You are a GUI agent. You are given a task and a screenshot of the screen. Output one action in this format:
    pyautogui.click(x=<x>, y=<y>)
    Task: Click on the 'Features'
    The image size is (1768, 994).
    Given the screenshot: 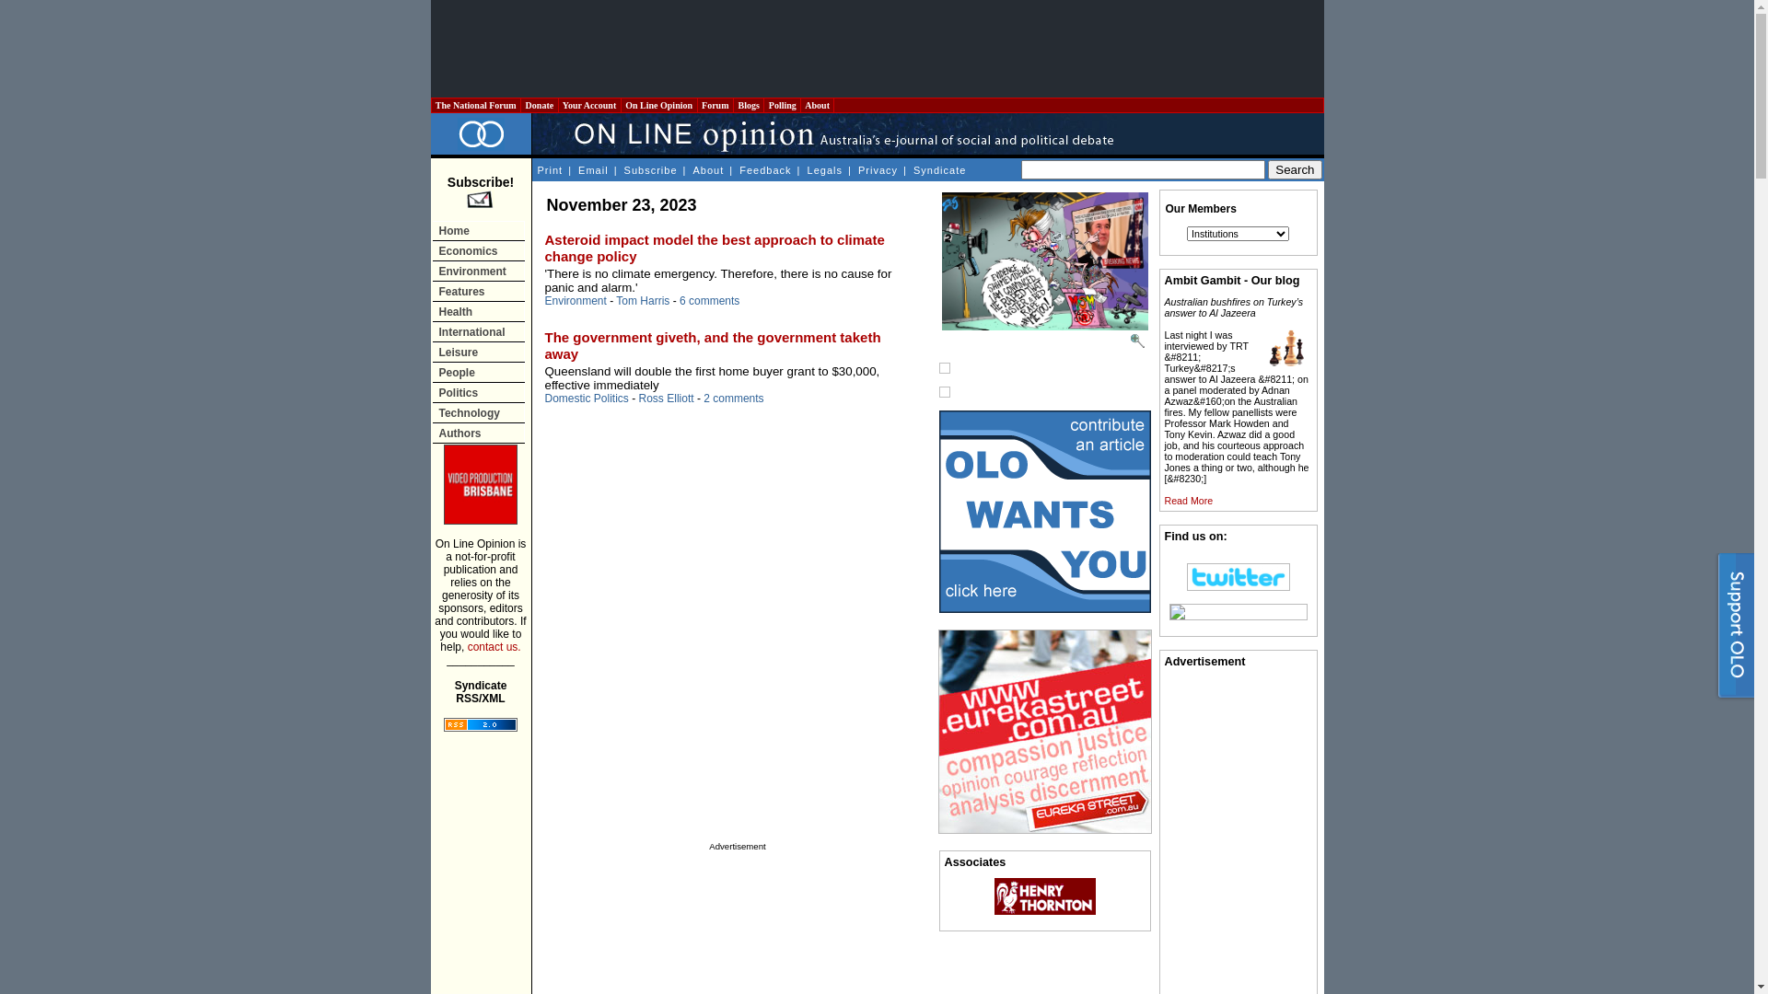 What is the action you would take?
    pyautogui.click(x=432, y=290)
    